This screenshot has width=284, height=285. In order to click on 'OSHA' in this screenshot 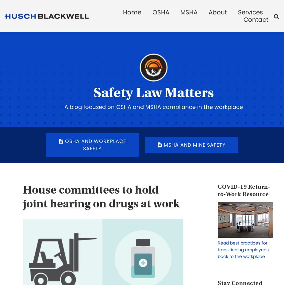, I will do `click(160, 12)`.